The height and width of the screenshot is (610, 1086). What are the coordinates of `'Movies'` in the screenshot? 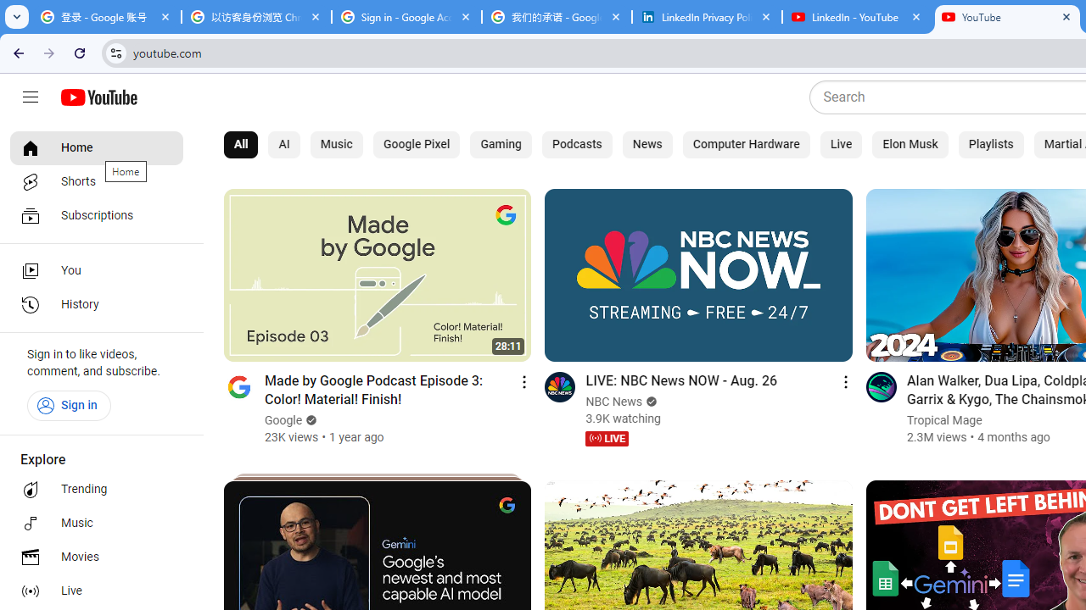 It's located at (95, 557).